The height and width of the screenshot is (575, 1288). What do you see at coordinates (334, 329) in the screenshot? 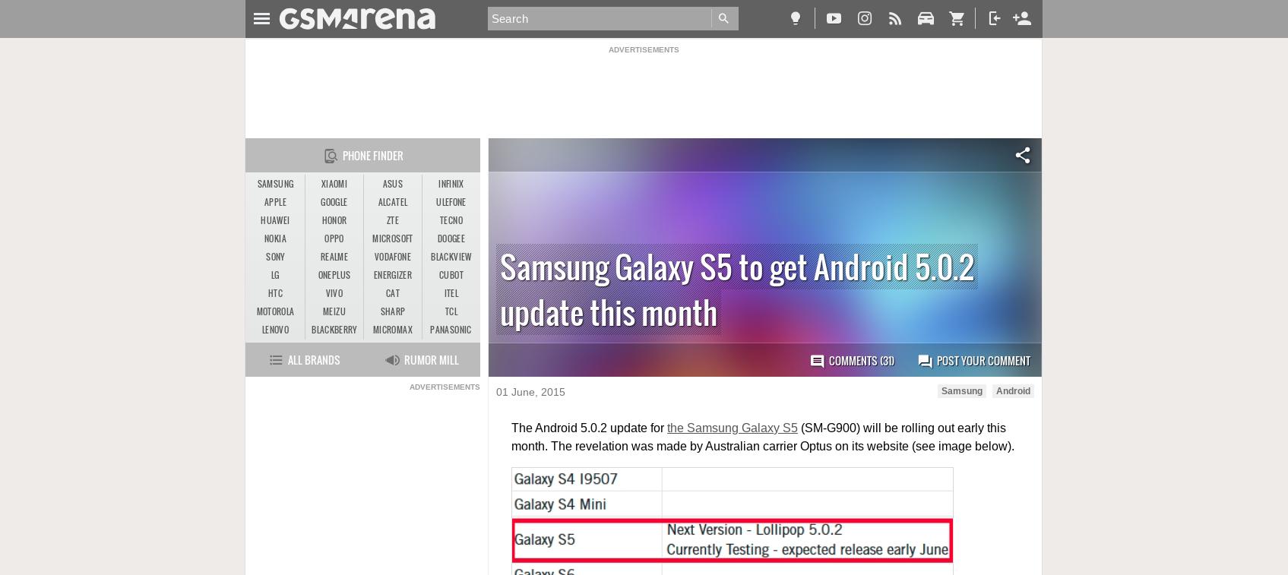
I see `'BlackBerry'` at bounding box center [334, 329].